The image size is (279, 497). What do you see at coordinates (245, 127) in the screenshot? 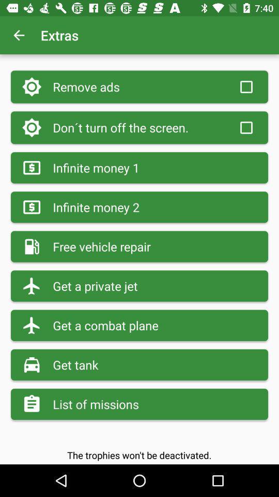
I see `the item next to the don t turn icon` at bounding box center [245, 127].